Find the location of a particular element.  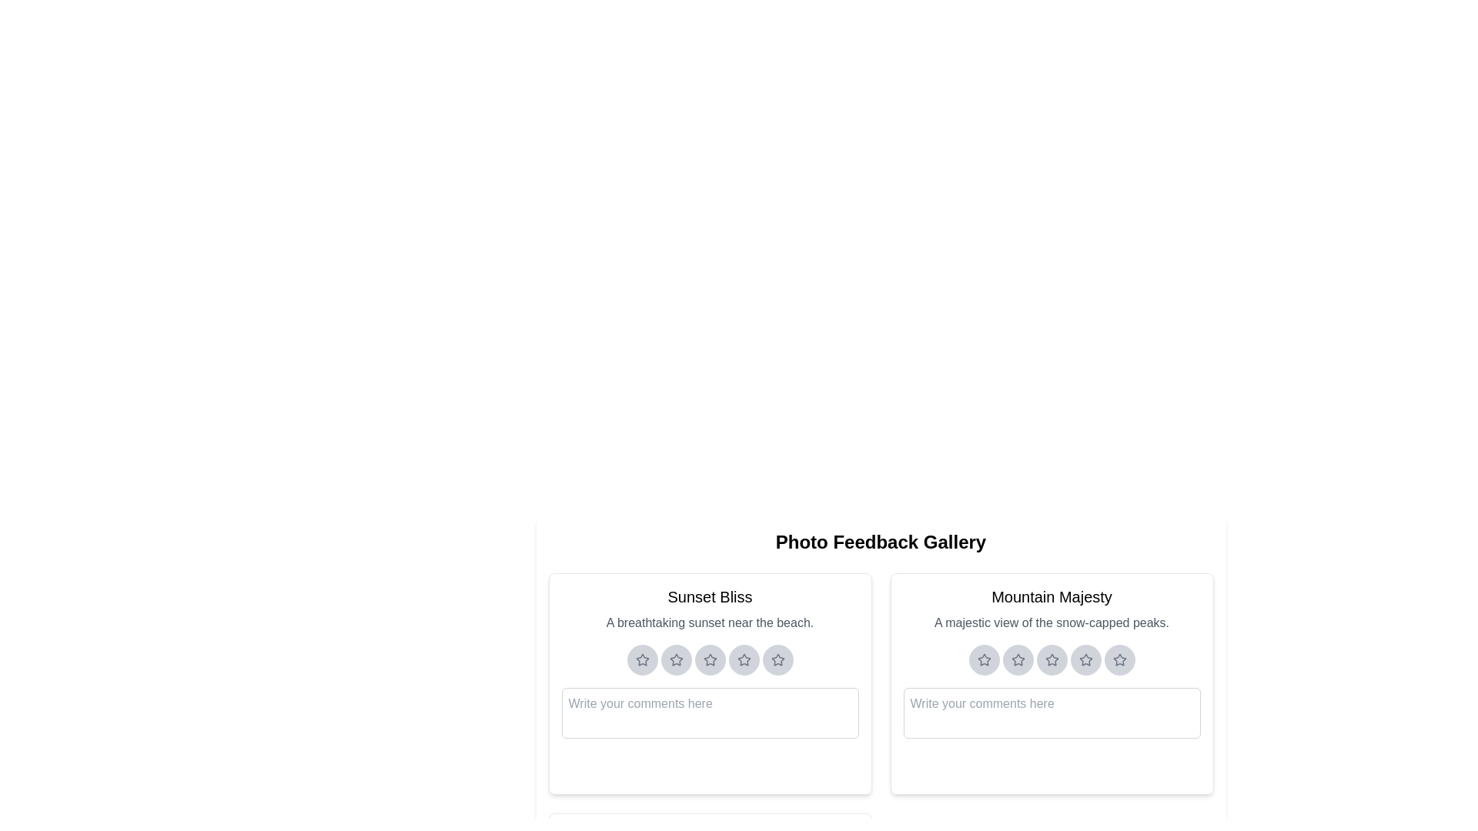

the second star-shaped rating icon in the 'Mountain Majesty' feedback section is located at coordinates (1018, 659).